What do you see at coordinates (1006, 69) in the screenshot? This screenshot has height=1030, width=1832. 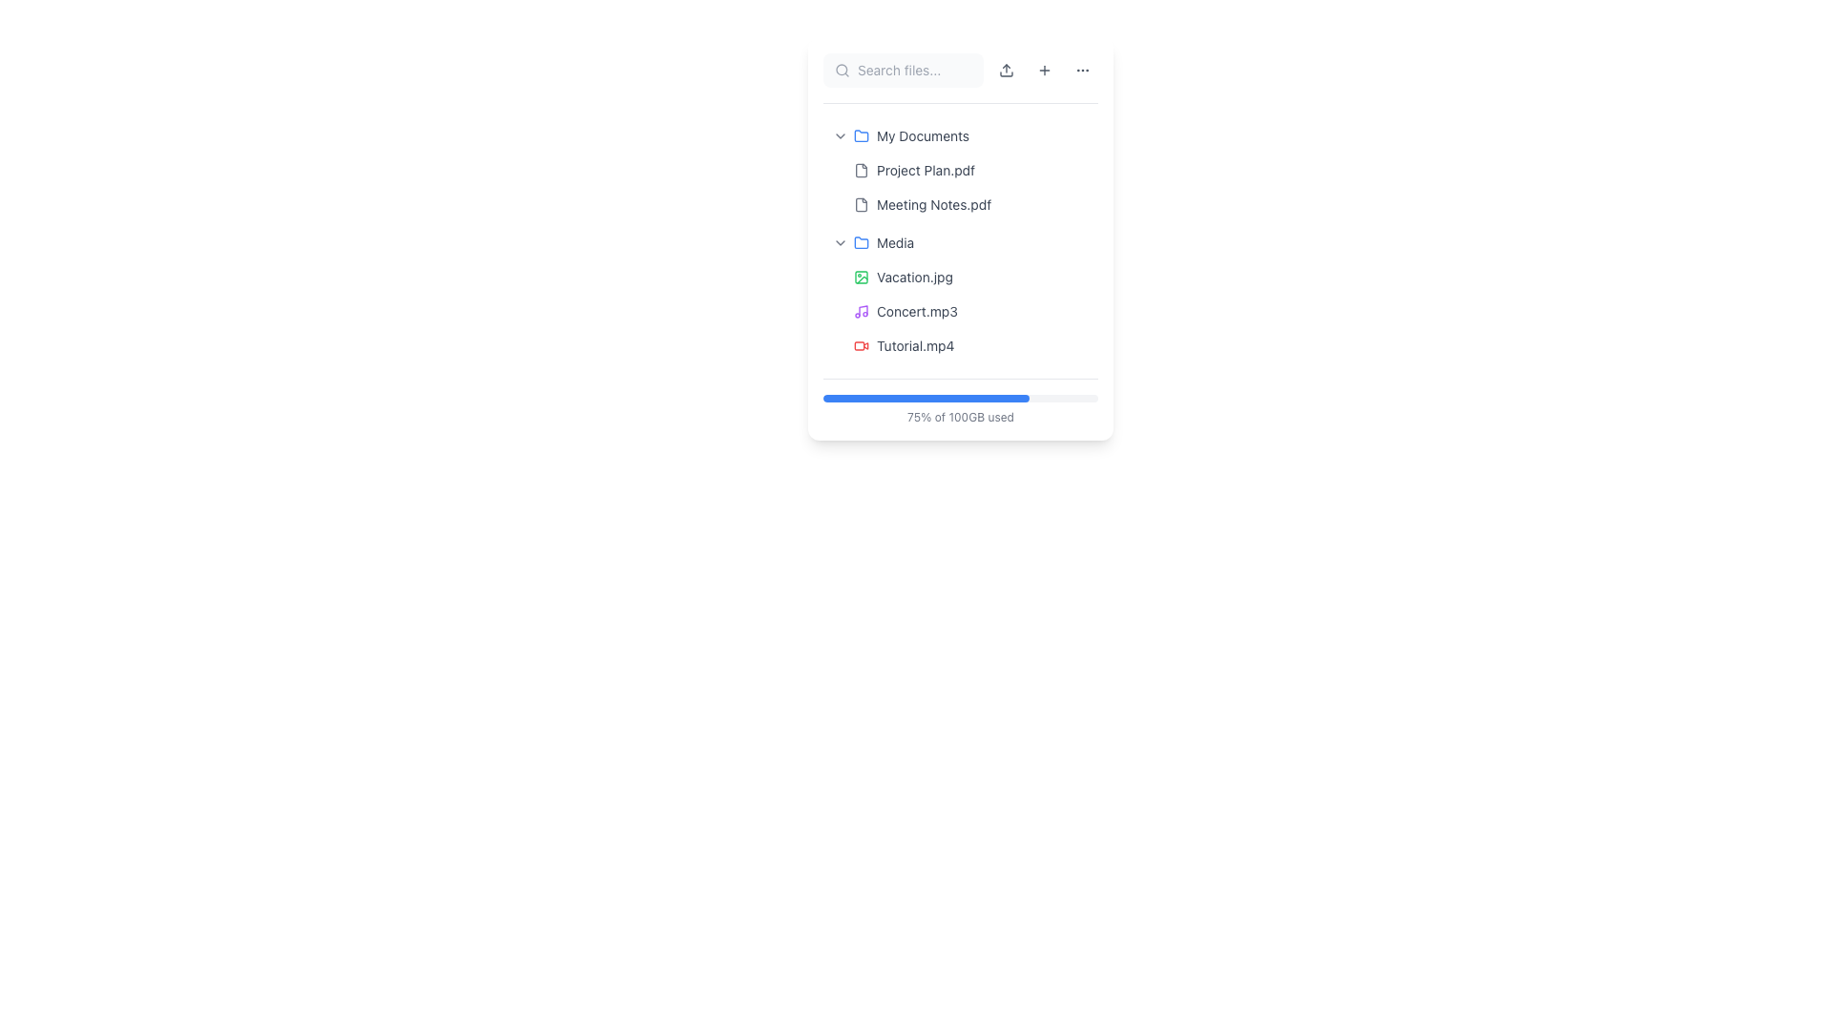 I see `the upload icon located at the top-right corner of the interface` at bounding box center [1006, 69].